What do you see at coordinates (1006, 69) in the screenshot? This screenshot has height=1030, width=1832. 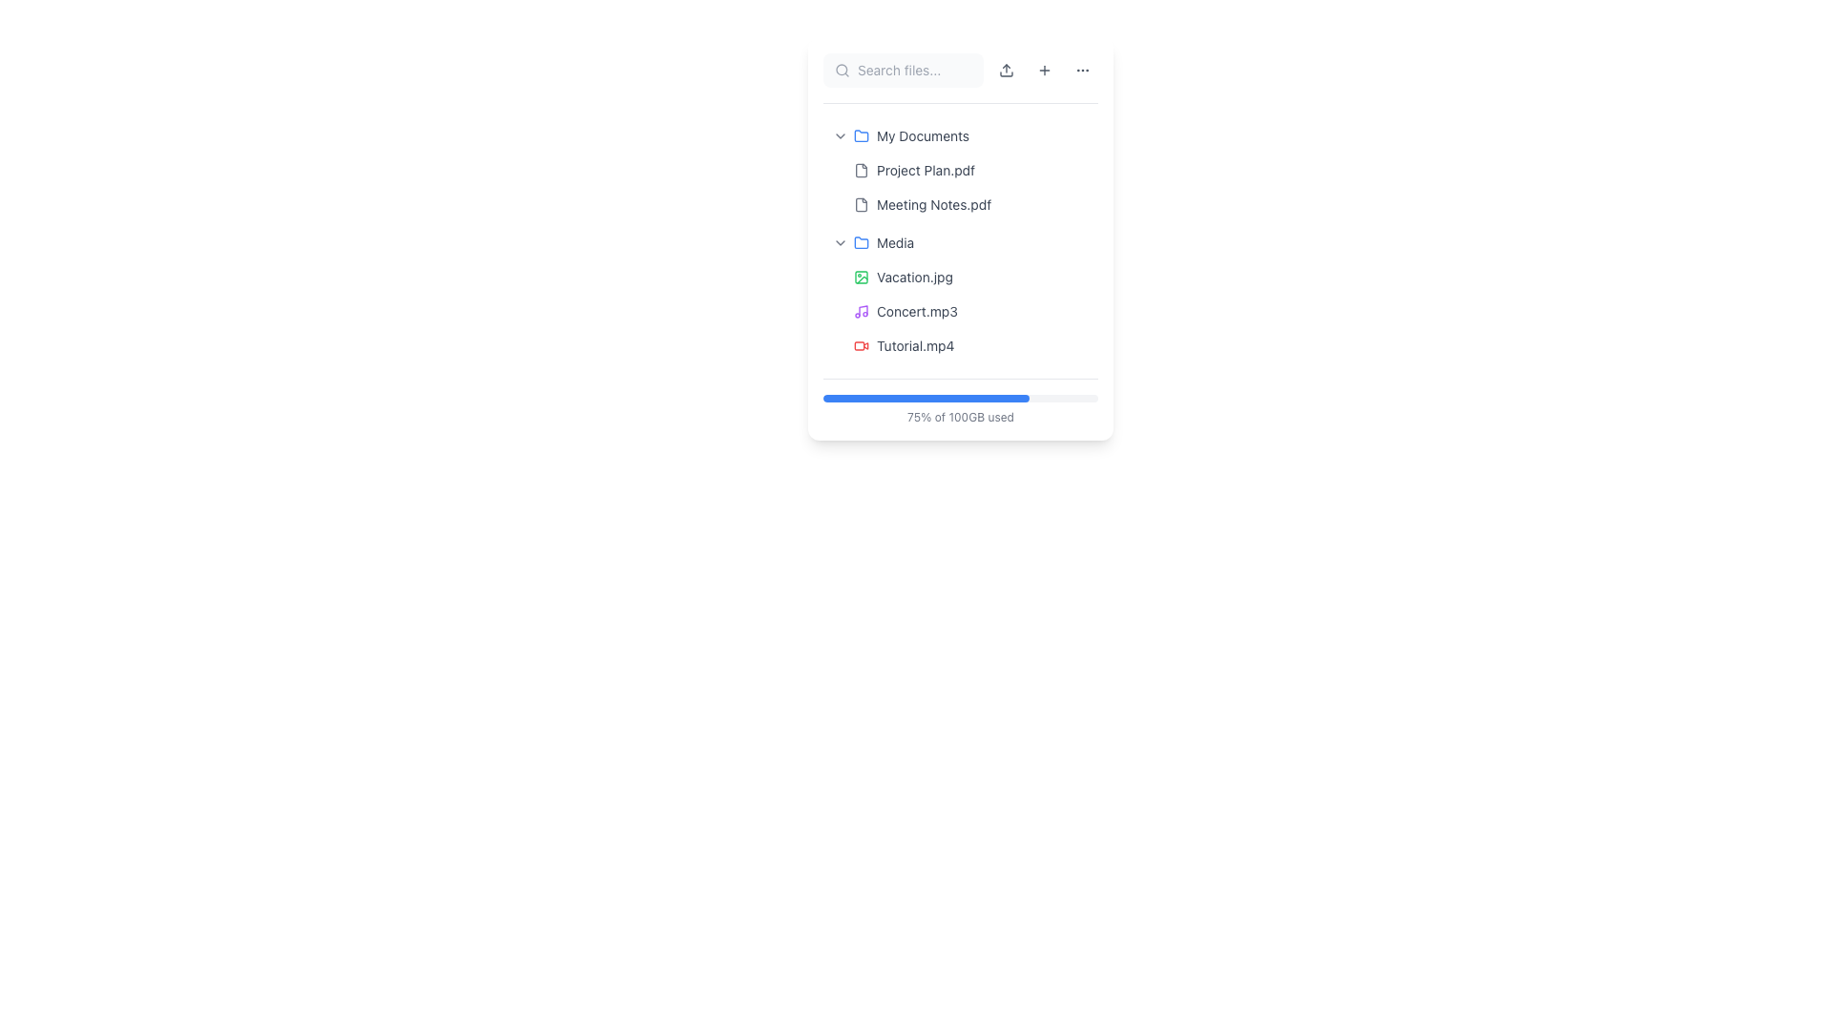 I see `the upload icon located at the top-right corner of the interface` at bounding box center [1006, 69].